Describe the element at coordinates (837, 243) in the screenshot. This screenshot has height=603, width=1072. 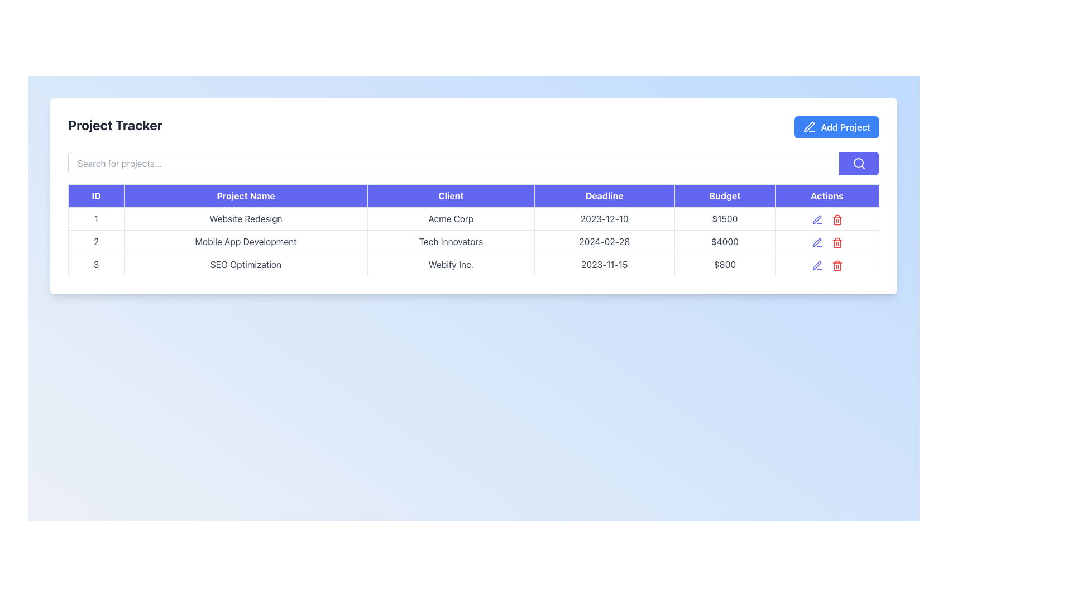
I see `the trash bin icon representing the delete action located in the last row of the table under the 'Actions' column` at that location.